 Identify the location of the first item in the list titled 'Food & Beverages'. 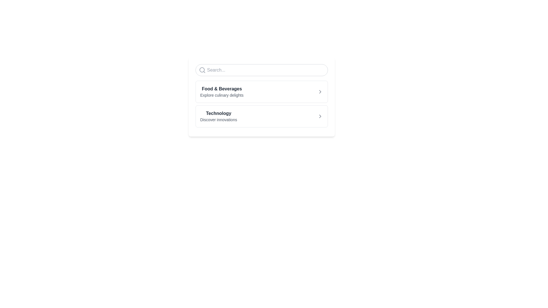
(221, 91).